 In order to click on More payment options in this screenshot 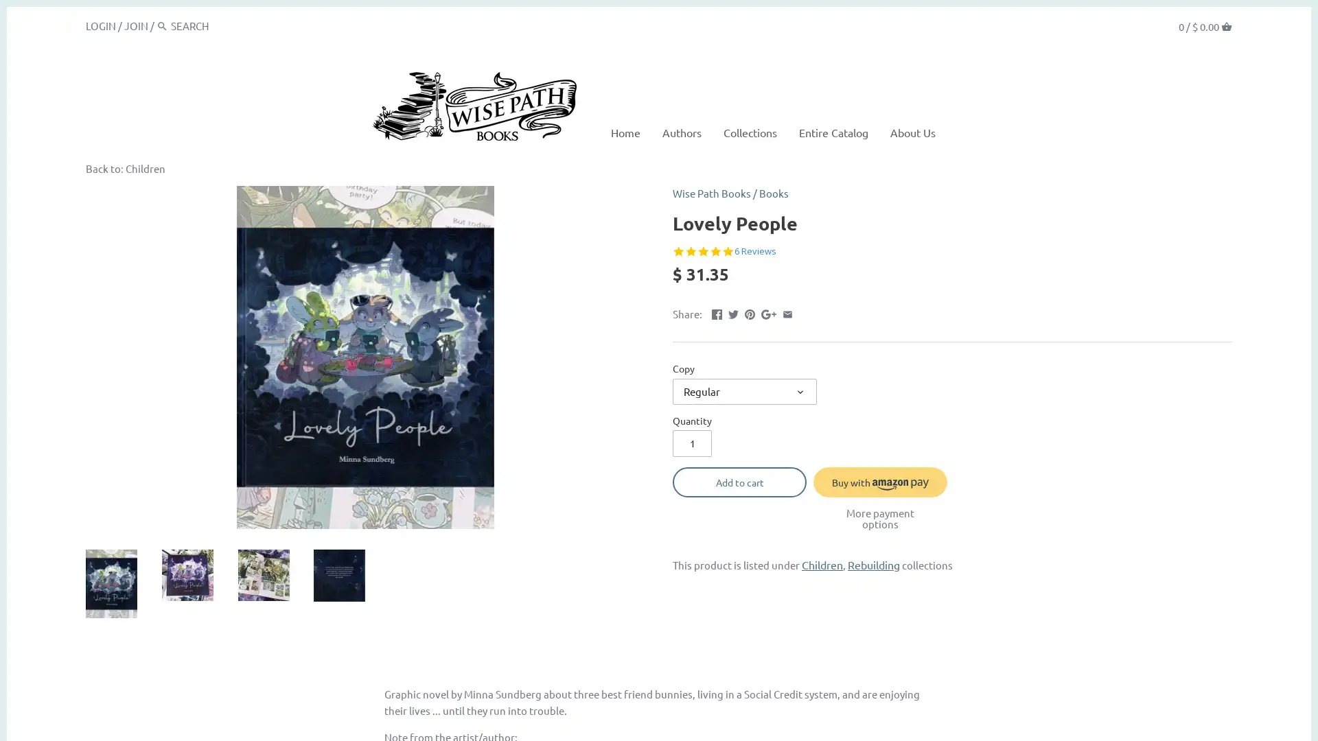, I will do `click(880, 518)`.